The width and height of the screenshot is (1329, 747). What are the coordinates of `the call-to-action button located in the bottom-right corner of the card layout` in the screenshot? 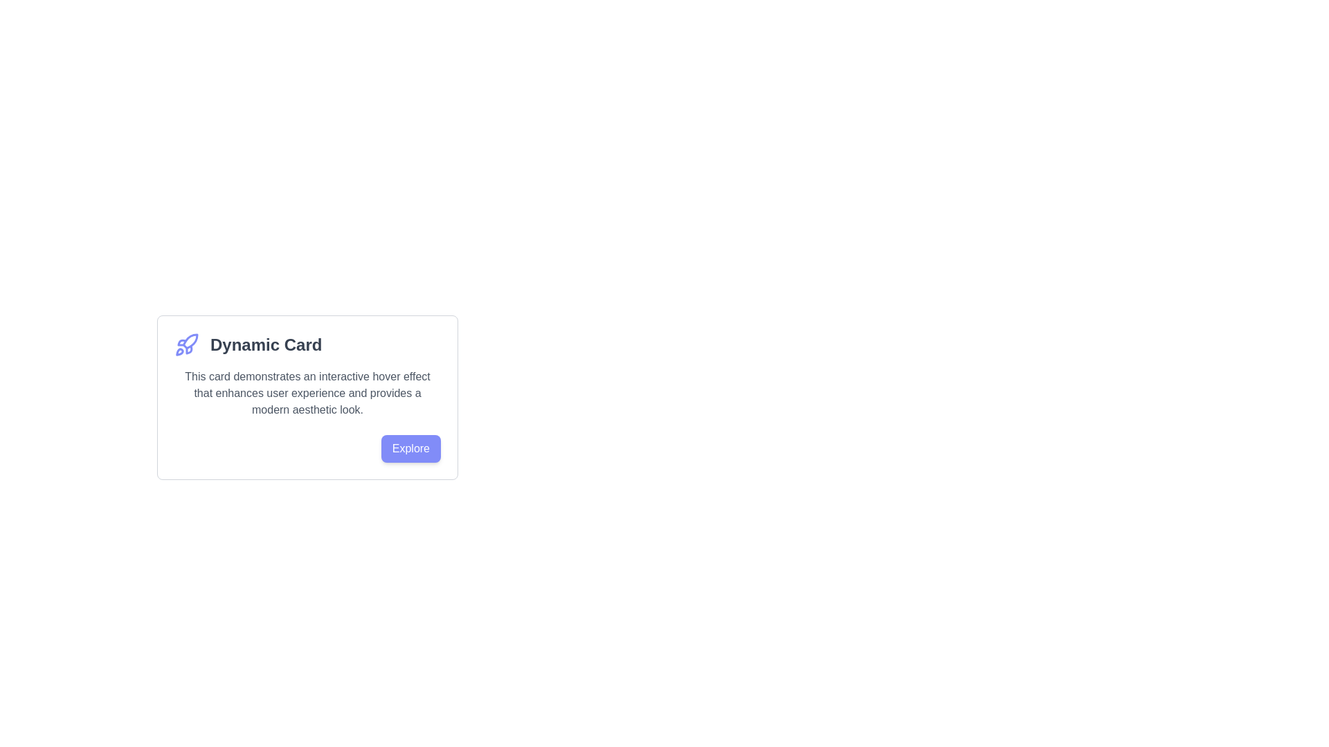 It's located at (307, 448).